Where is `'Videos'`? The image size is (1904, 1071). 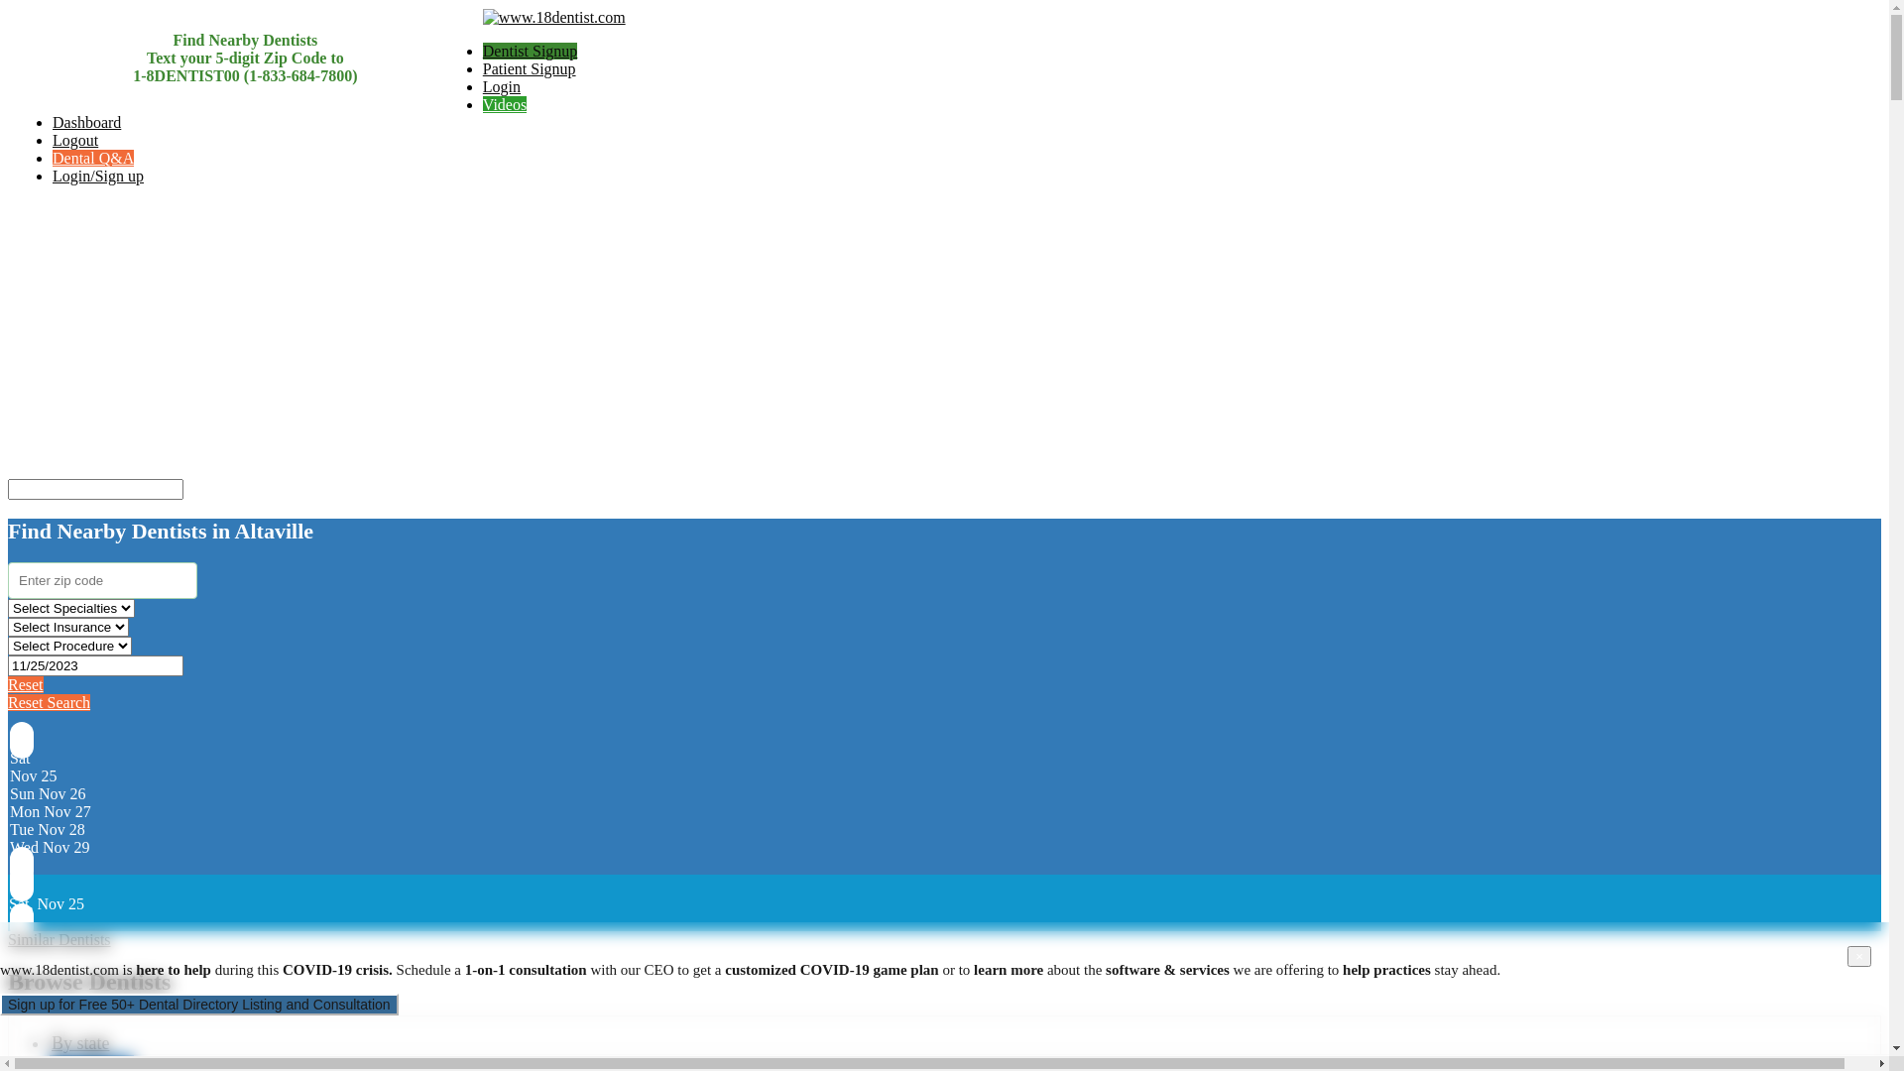 'Videos' is located at coordinates (482, 104).